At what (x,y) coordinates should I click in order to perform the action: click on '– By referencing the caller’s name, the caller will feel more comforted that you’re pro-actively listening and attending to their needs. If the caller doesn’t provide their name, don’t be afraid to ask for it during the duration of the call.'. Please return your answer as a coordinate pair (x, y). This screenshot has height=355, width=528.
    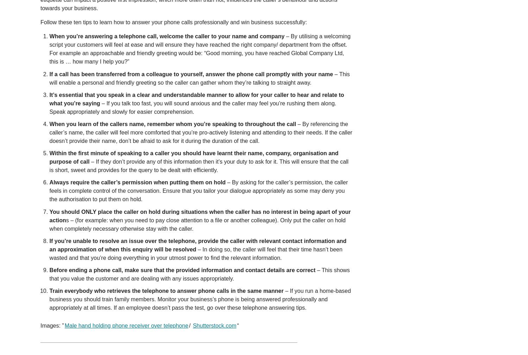
    Looking at the image, I should click on (200, 132).